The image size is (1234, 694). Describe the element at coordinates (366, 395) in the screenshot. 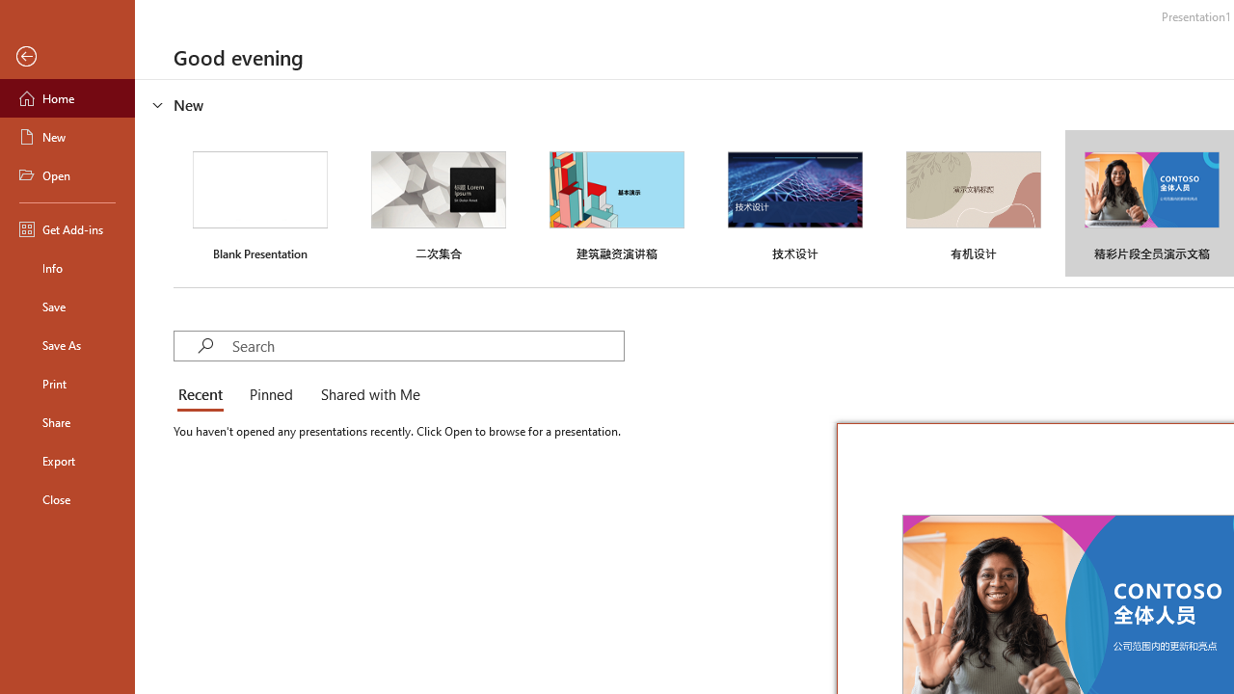

I see `'Shared with Me'` at that location.